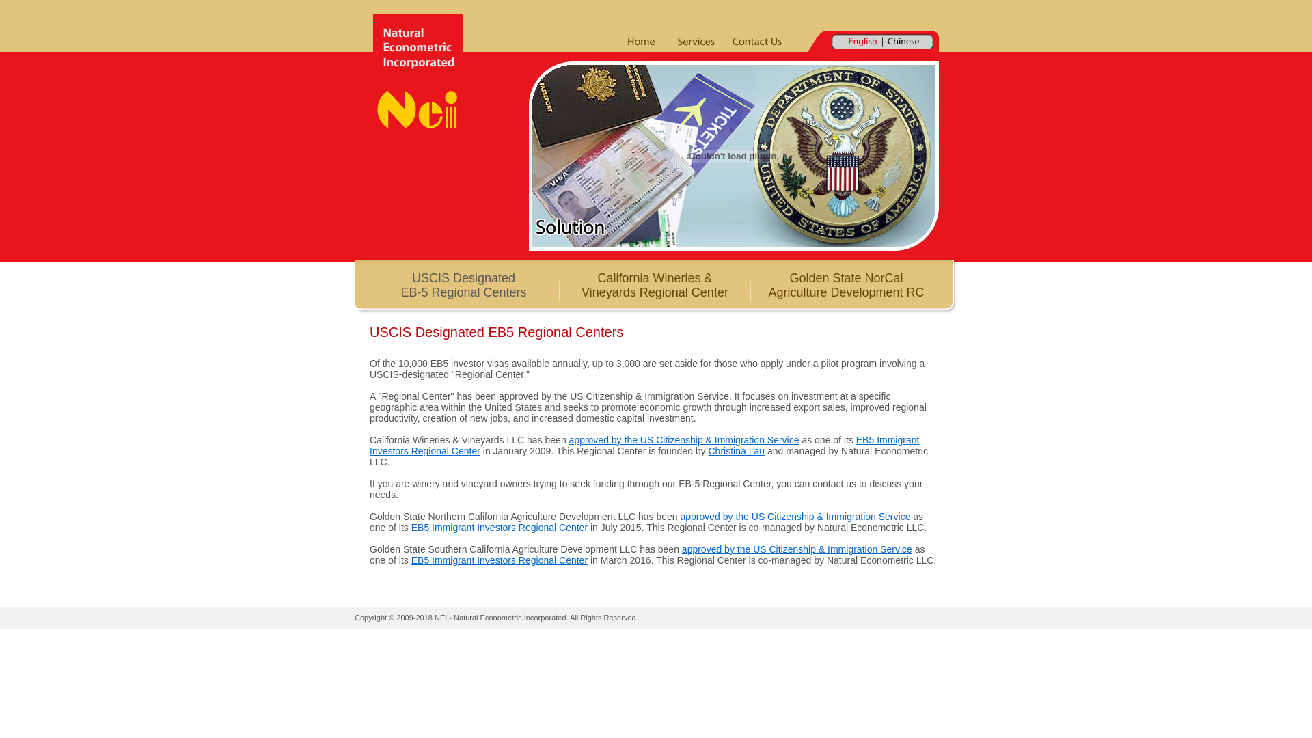 This screenshot has height=738, width=1312. What do you see at coordinates (845, 285) in the screenshot?
I see `'Golden State NorCal Agriculture Development RC'` at bounding box center [845, 285].